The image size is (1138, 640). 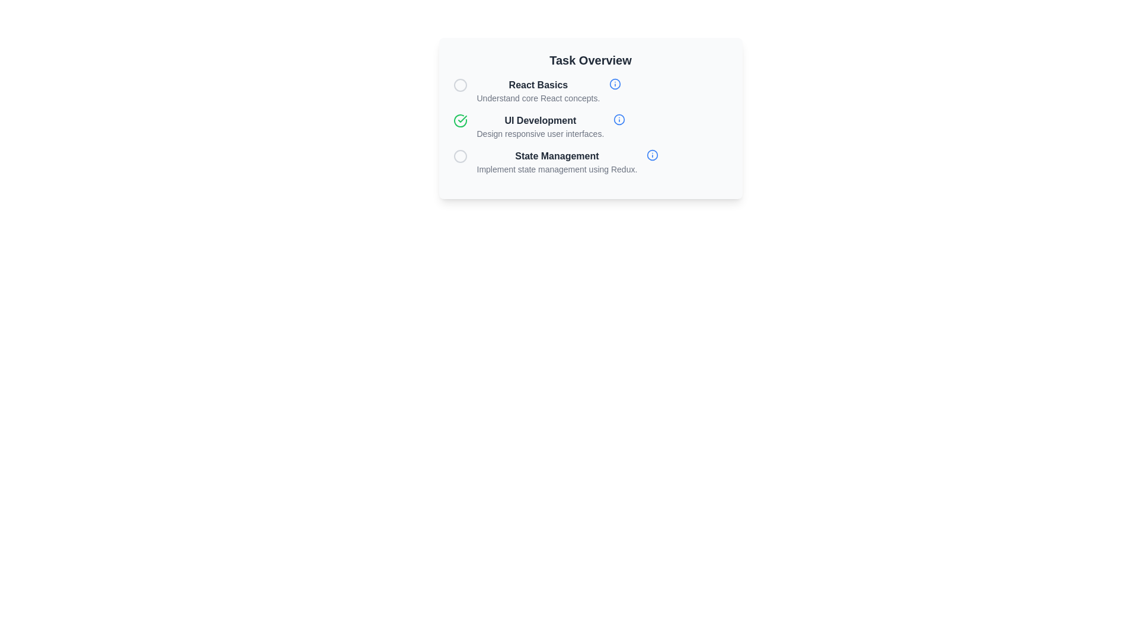 What do you see at coordinates (590, 60) in the screenshot?
I see `the header text label 'Task Overview' which is bold and large-sized, located at the top of a card with a light gray background` at bounding box center [590, 60].